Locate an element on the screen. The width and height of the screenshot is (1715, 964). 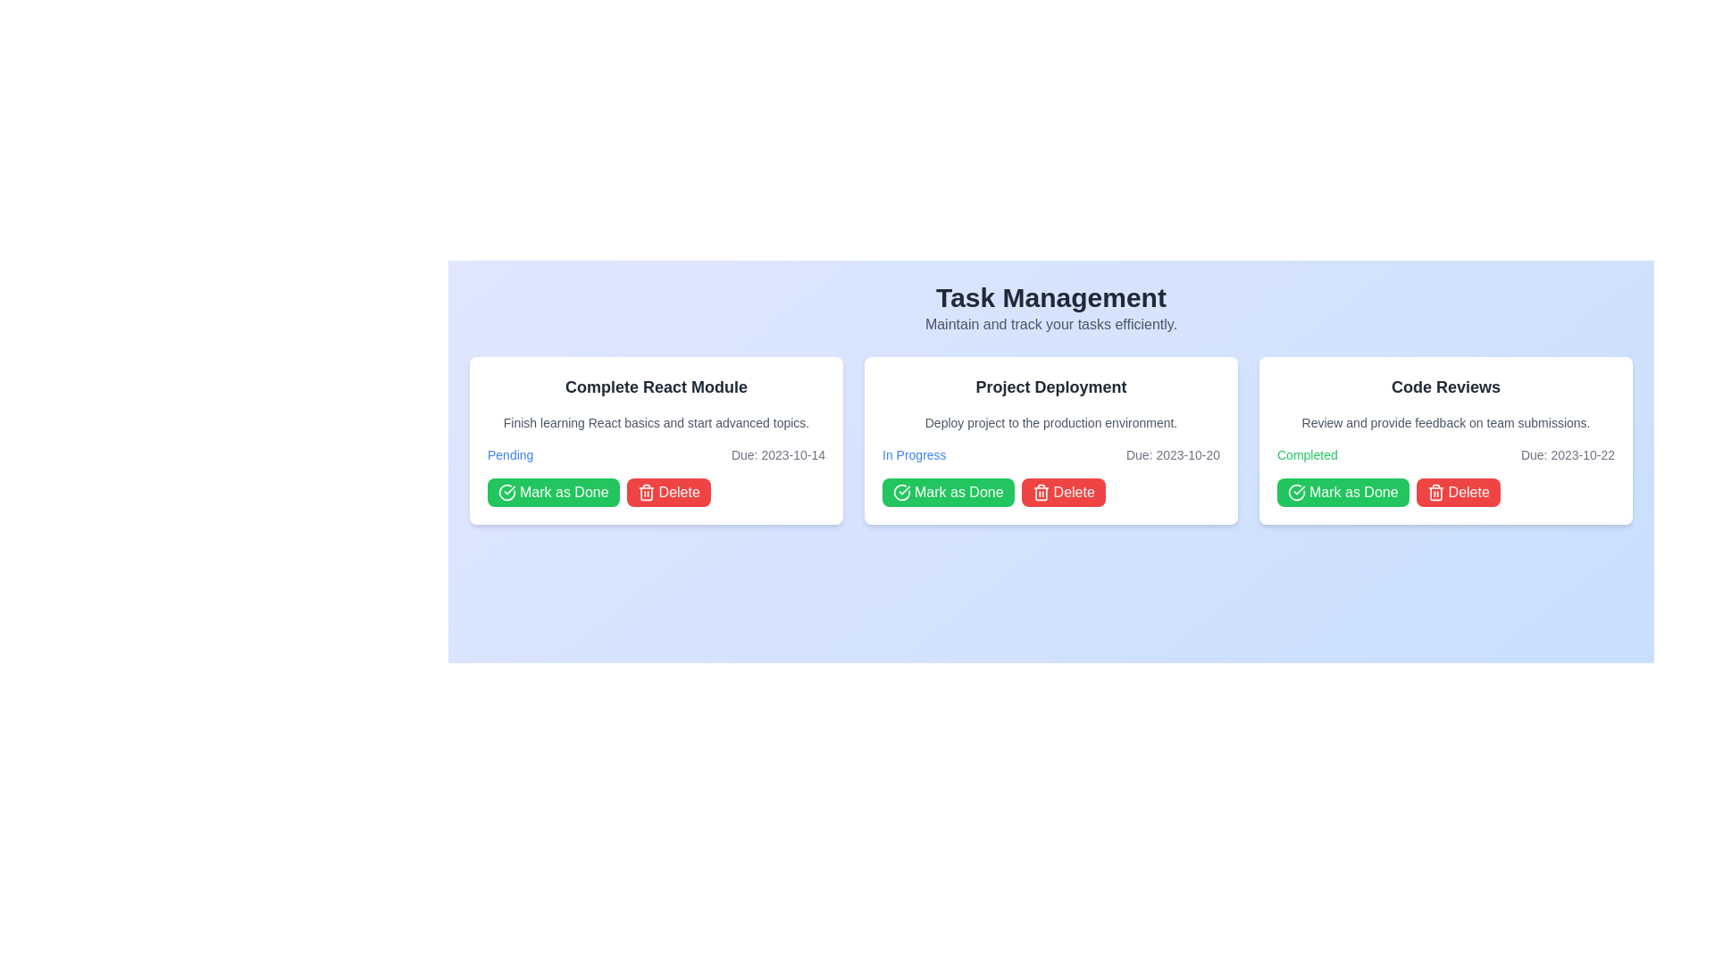
the 'Mark as Done' button located in the task card titled 'Project Deployment' to update the task's status as completed is located at coordinates (947, 492).